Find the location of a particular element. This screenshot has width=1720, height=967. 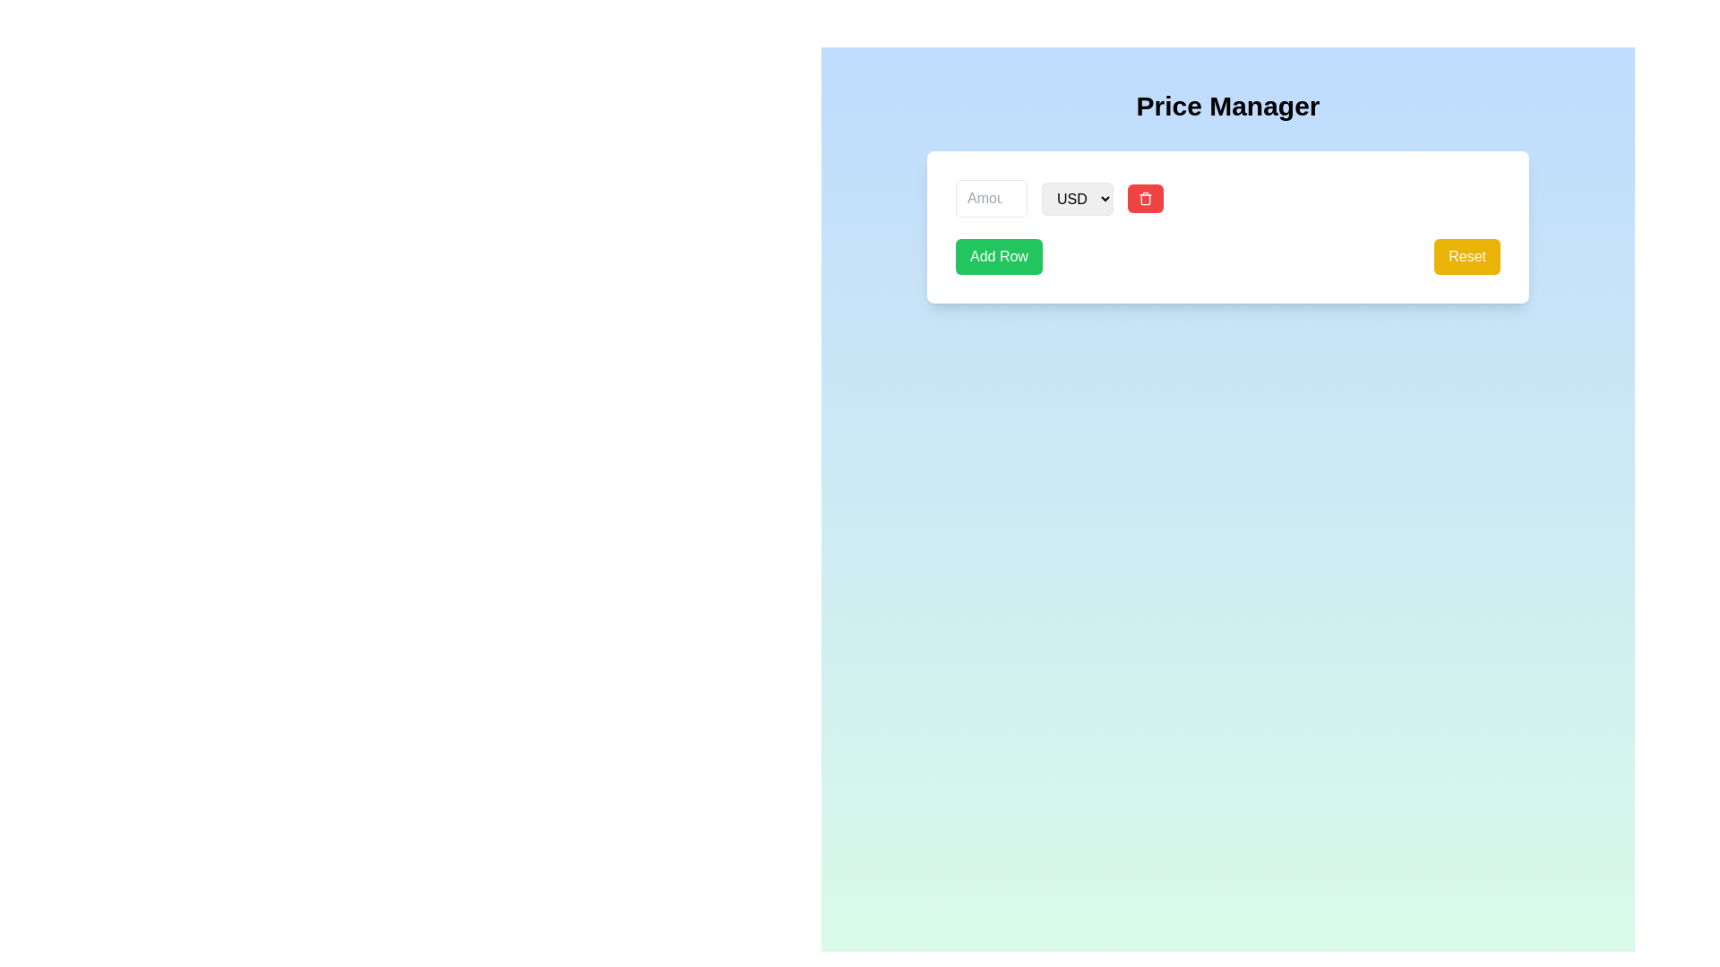

the small trash icon styled in a red circular background, which is part of a clickable button located towards the right edge of input and dropdown components, to possibly see a tooltip is located at coordinates (1144, 199).